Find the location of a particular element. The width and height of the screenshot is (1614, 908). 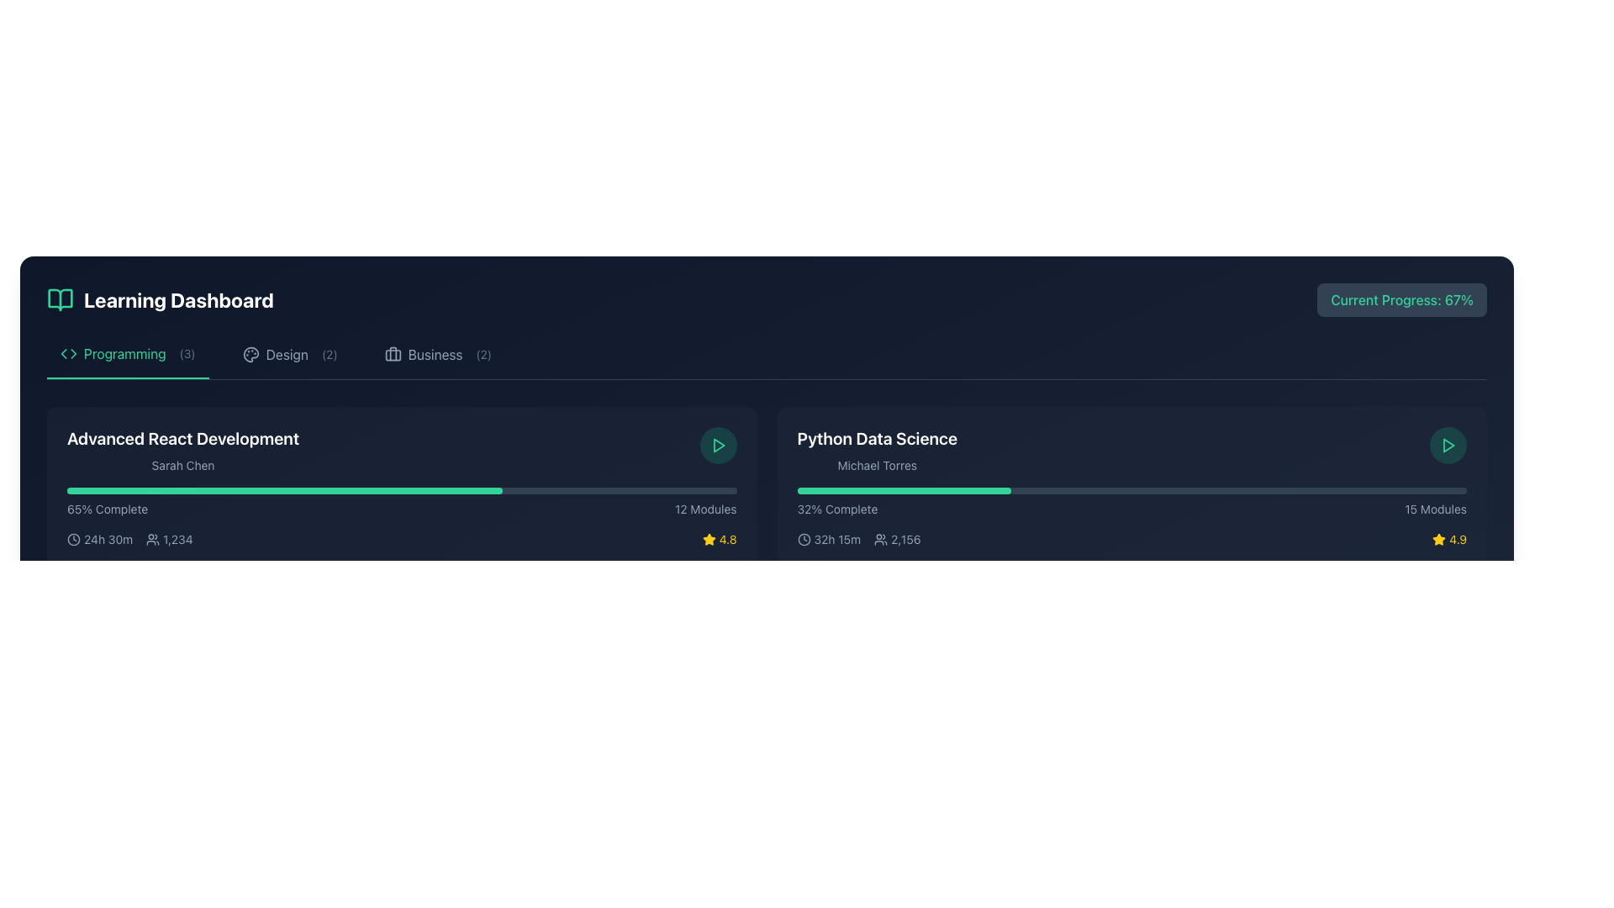

the progress bar indicating the completion level of the 'Python Data Science' module, which is located above the text '65% Complete' and '12 Modules' is located at coordinates (401, 490).